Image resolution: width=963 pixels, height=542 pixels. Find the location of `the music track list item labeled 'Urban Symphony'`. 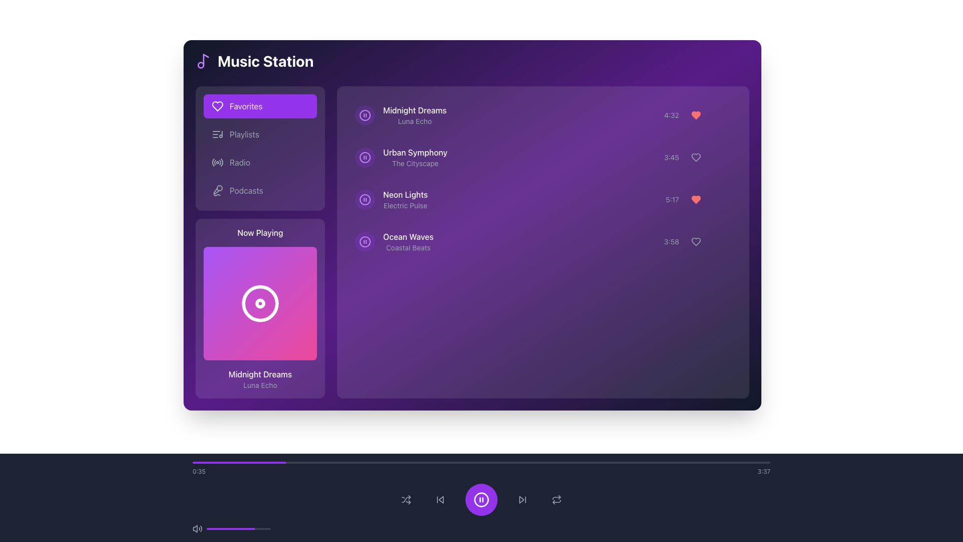

the music track list item labeled 'Urban Symphony' is located at coordinates (543, 157).